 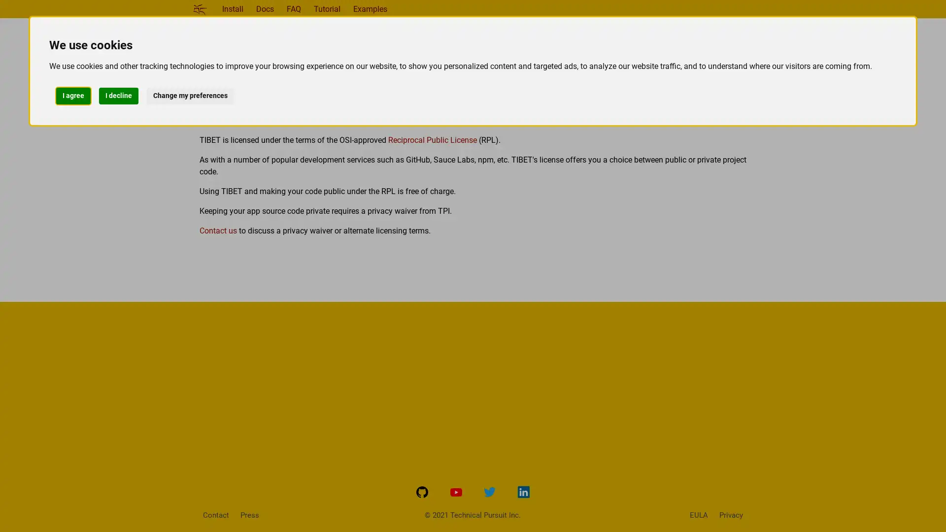 What do you see at coordinates (190, 95) in the screenshot?
I see `Change my preferences` at bounding box center [190, 95].